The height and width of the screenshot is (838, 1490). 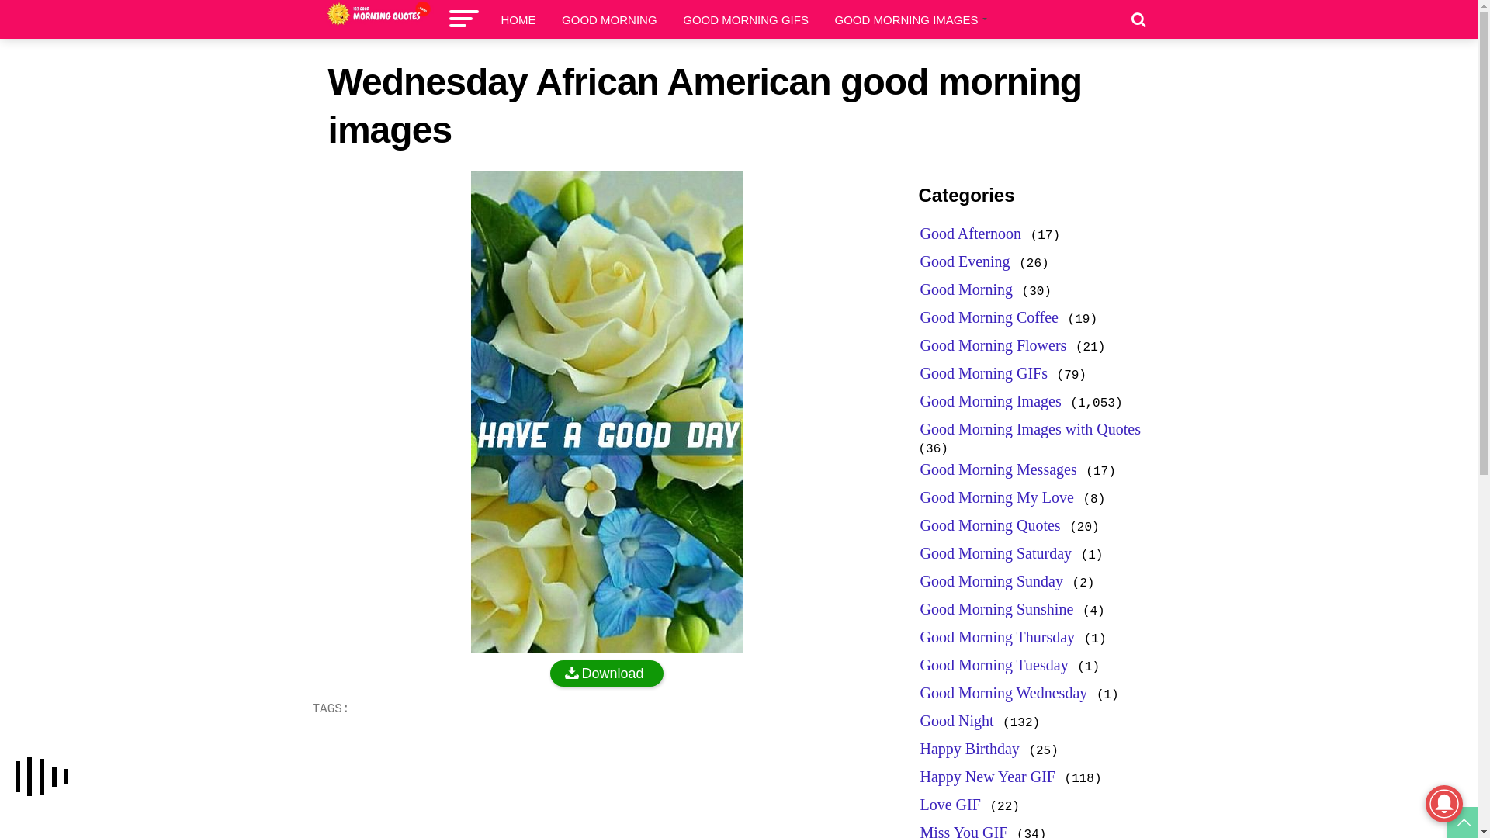 What do you see at coordinates (949, 804) in the screenshot?
I see `'Love GIF'` at bounding box center [949, 804].